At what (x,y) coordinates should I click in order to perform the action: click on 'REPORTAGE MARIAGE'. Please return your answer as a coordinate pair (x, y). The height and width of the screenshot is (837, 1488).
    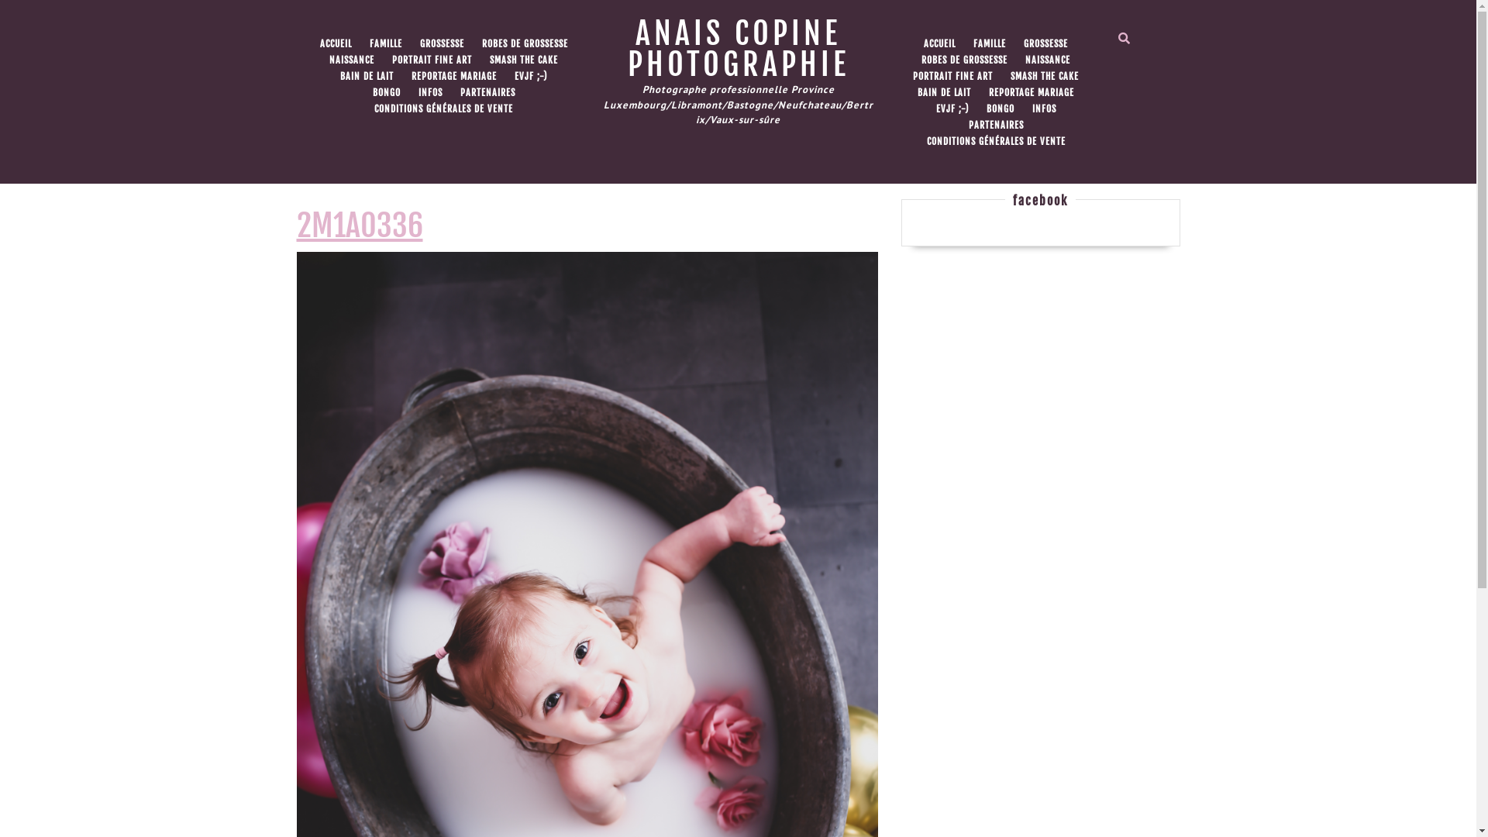
    Looking at the image, I should click on (404, 77).